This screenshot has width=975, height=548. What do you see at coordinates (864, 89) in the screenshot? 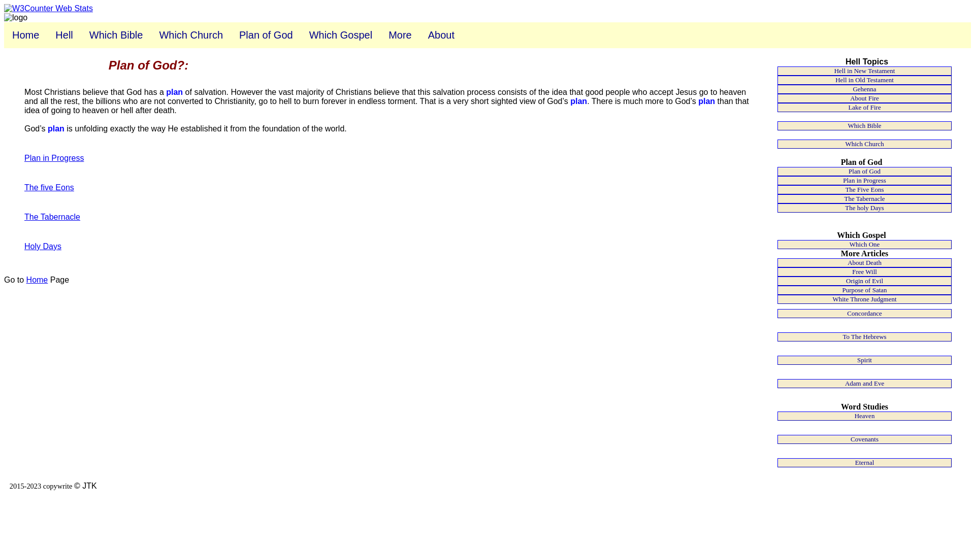
I see `'Gehenna'` at bounding box center [864, 89].